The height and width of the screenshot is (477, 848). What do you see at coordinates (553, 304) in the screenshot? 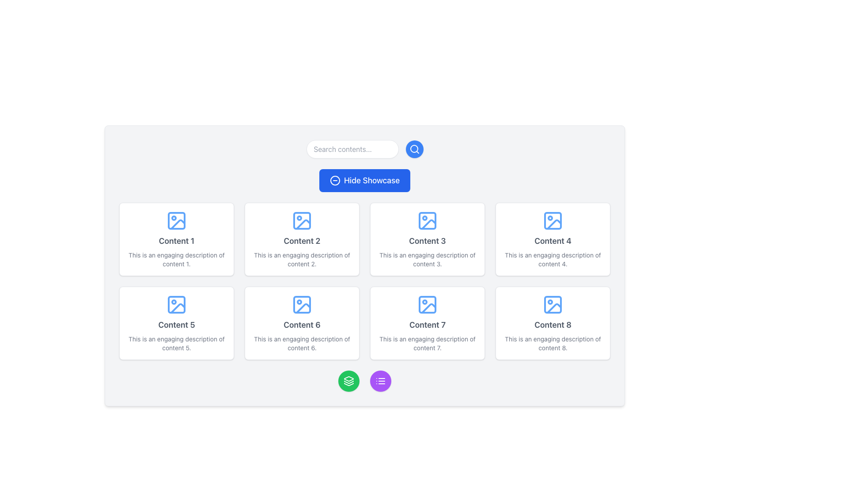
I see `the decorative SVG icon indicating the presence of an image associated with 'Content 8' located in the bottom-right quadrant of the interface` at bounding box center [553, 304].